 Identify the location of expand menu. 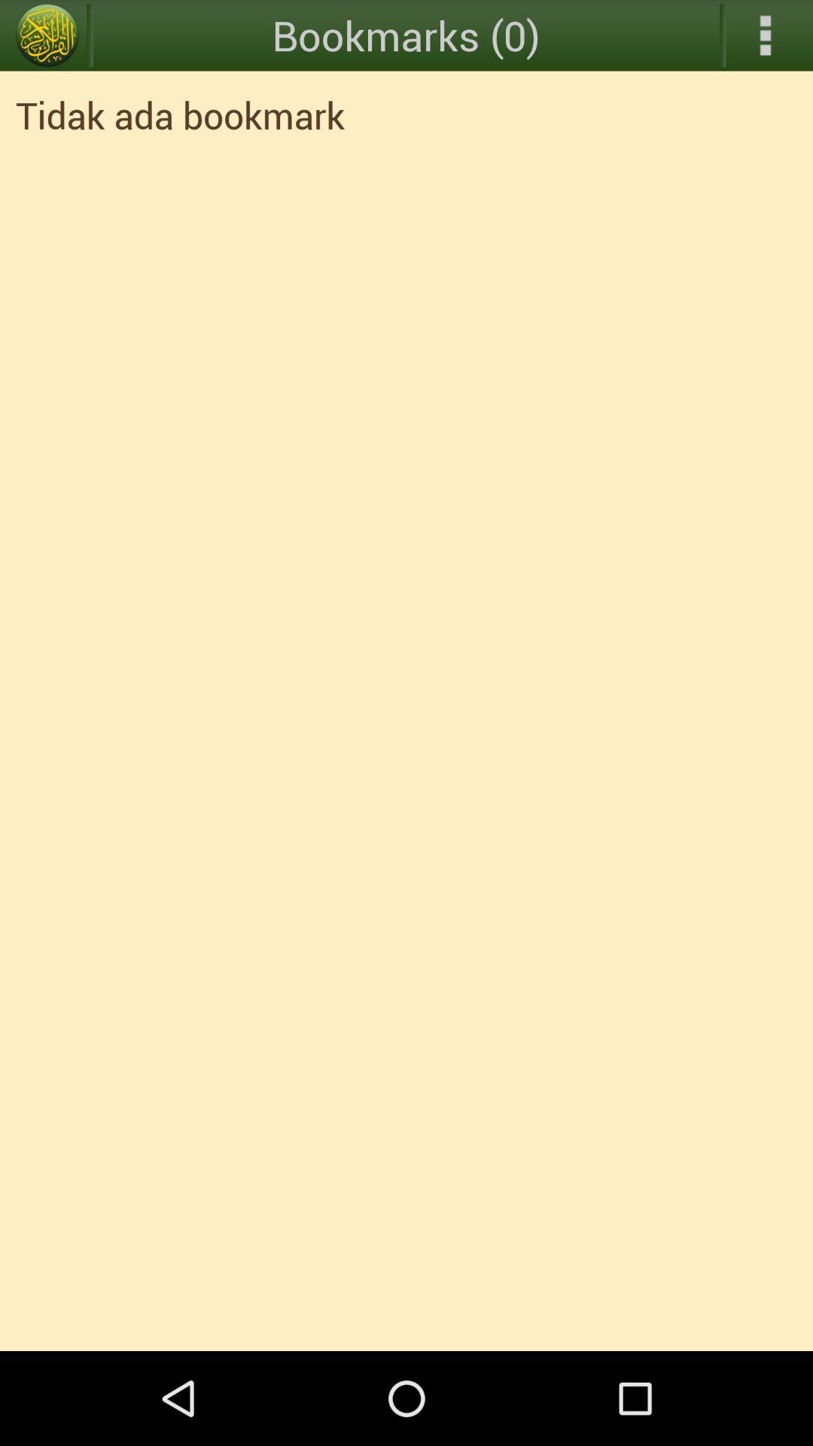
(766, 35).